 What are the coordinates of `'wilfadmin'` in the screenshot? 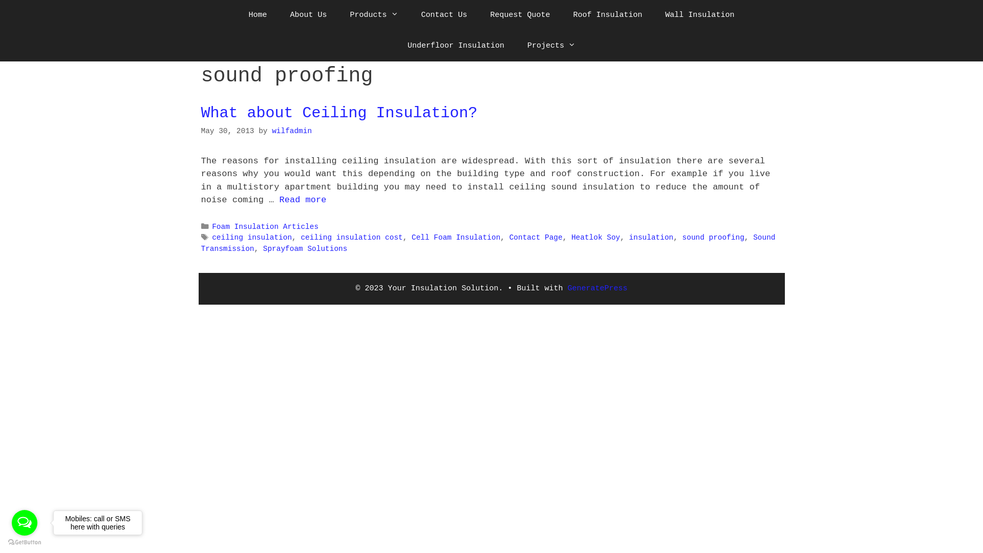 It's located at (272, 130).